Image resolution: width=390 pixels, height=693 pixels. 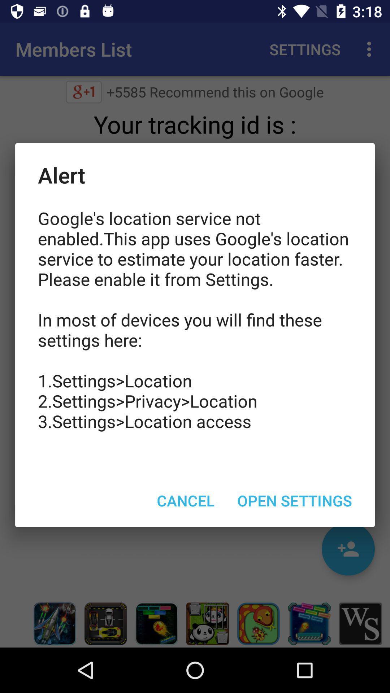 I want to click on the icon below google s location item, so click(x=295, y=500).